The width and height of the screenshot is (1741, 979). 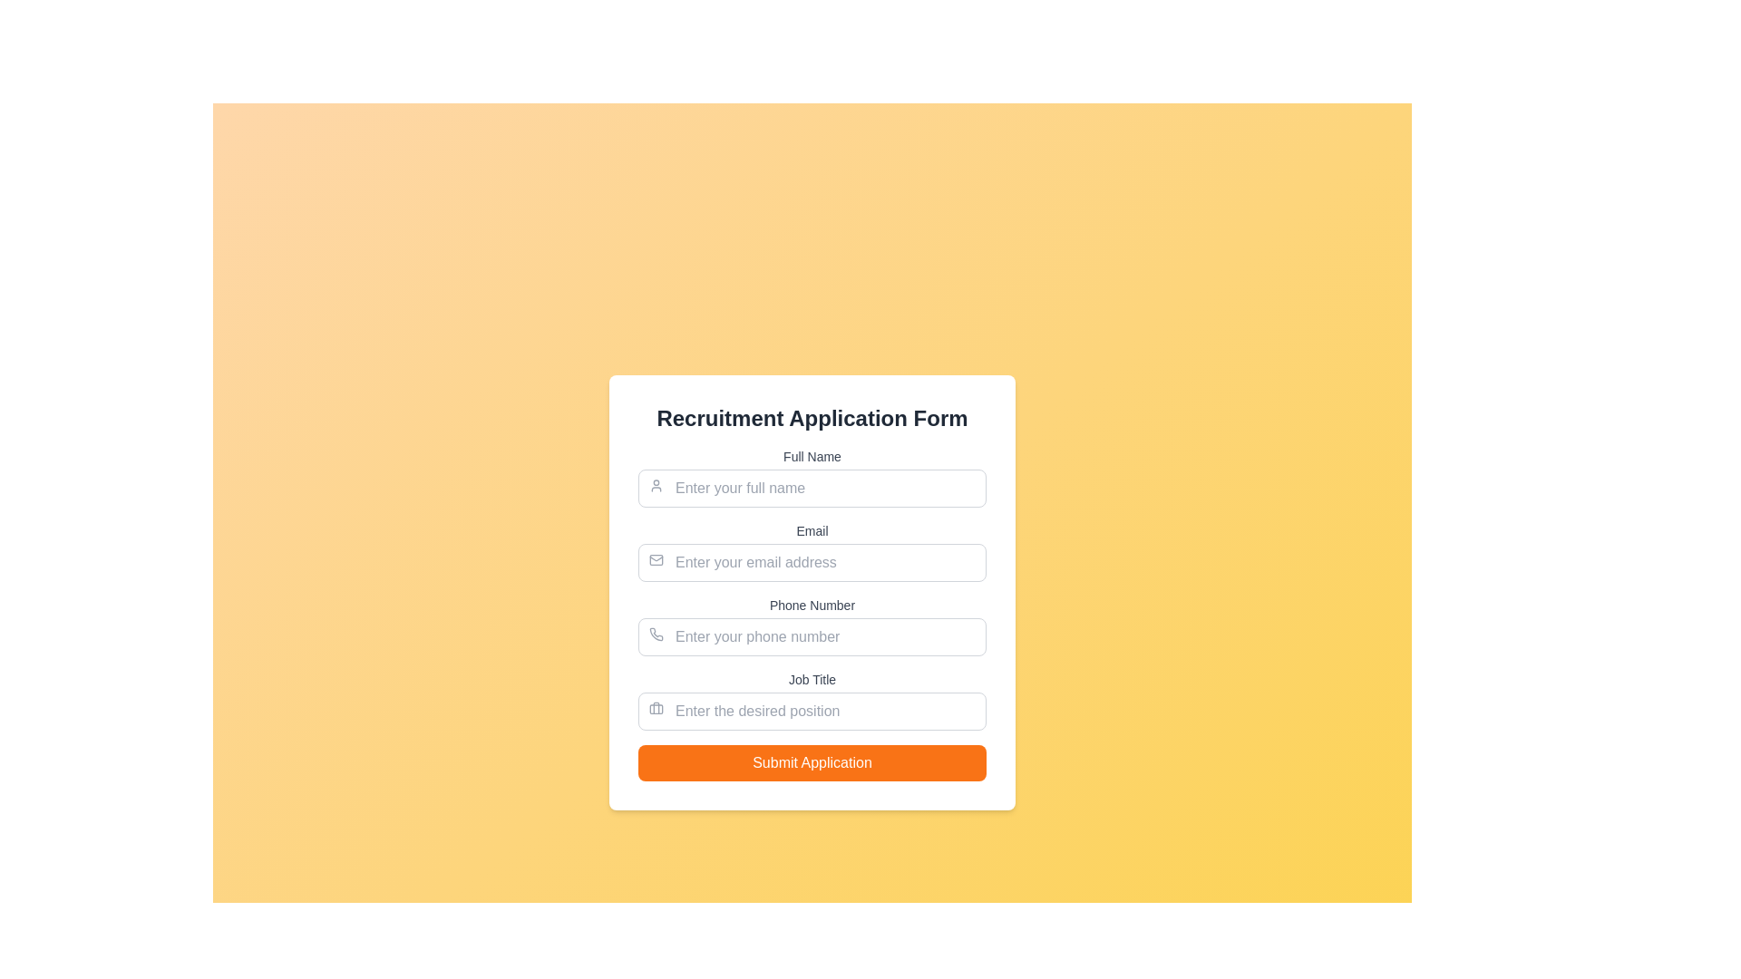 I want to click on the icon representing the phone number input field, which is positioned on the left side of the input field, so click(x=656, y=633).